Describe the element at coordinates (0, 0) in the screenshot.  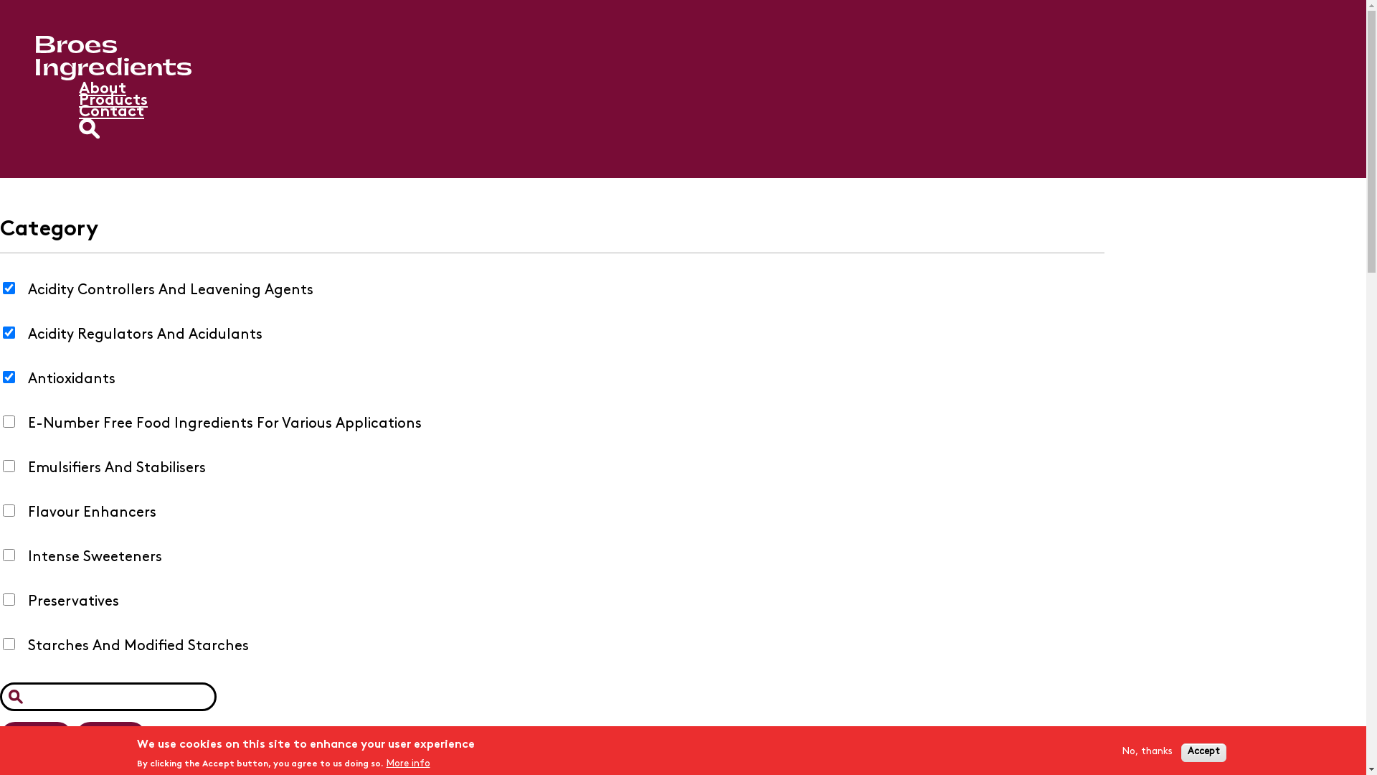
I see `'Skip to main content'` at that location.